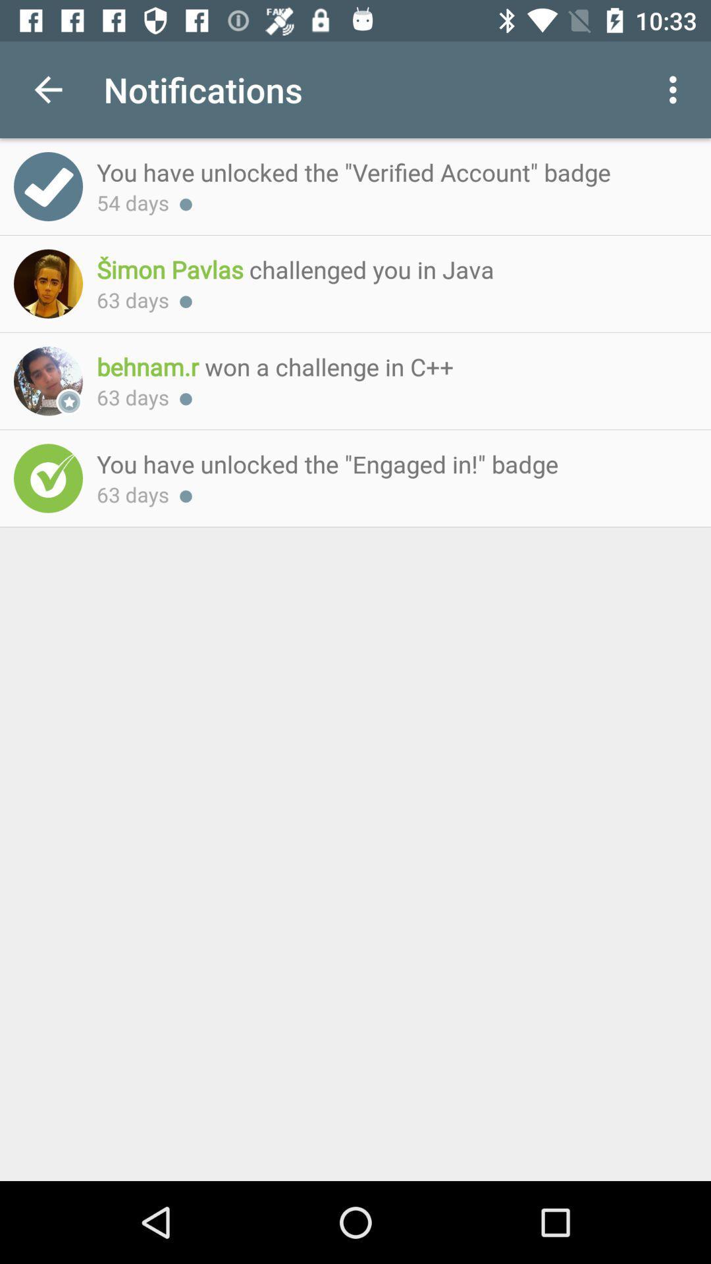 The width and height of the screenshot is (711, 1264). I want to click on the text which is beside the third image, so click(389, 367).